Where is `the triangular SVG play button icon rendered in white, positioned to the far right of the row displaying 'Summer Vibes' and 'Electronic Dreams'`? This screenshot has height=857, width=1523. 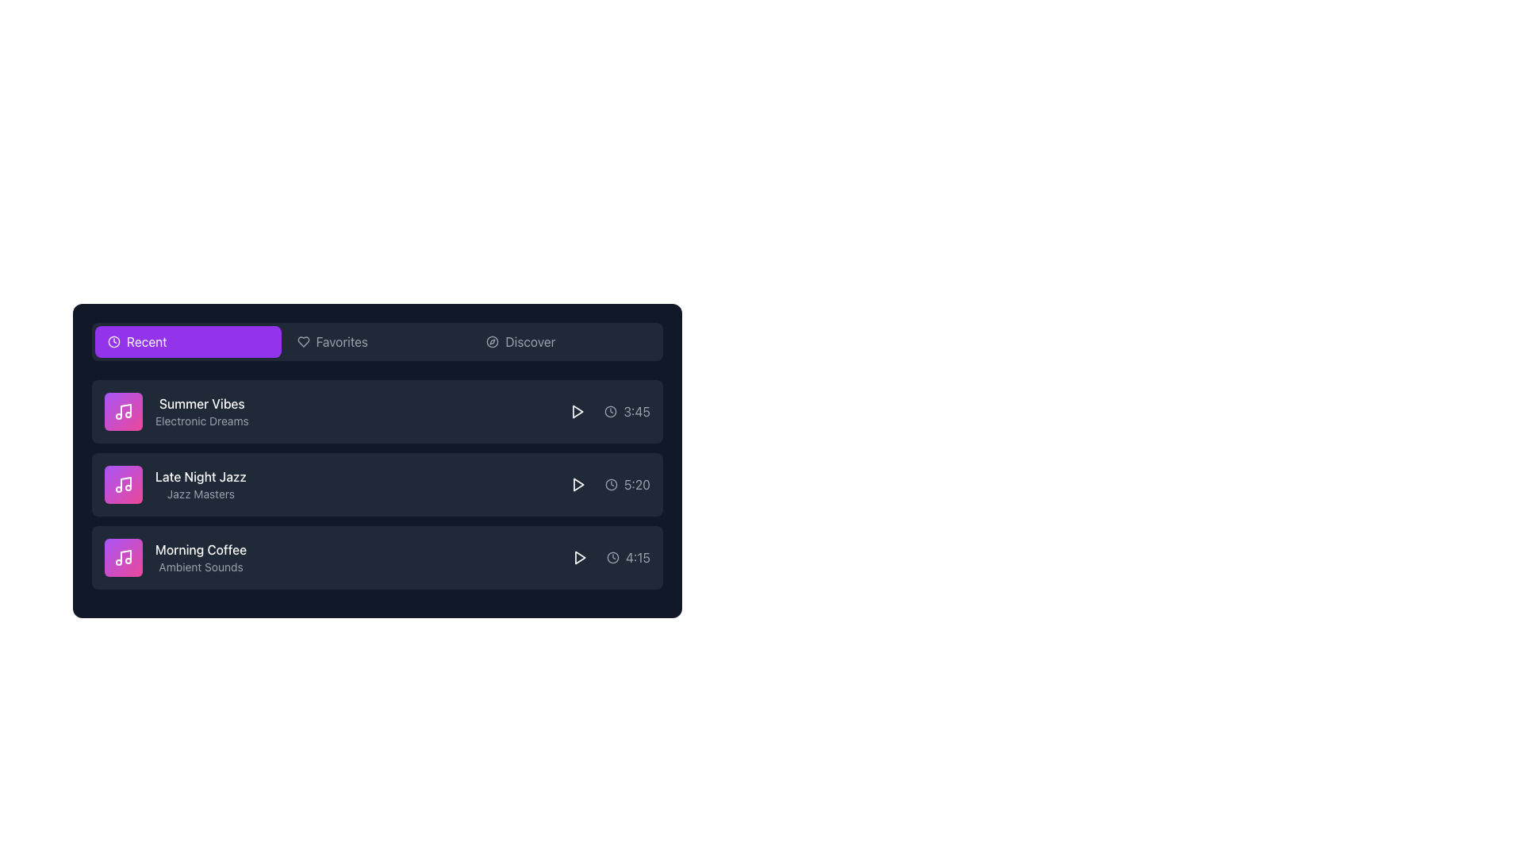
the triangular SVG play button icon rendered in white, positioned to the far right of the row displaying 'Summer Vibes' and 'Electronic Dreams' is located at coordinates (577, 411).